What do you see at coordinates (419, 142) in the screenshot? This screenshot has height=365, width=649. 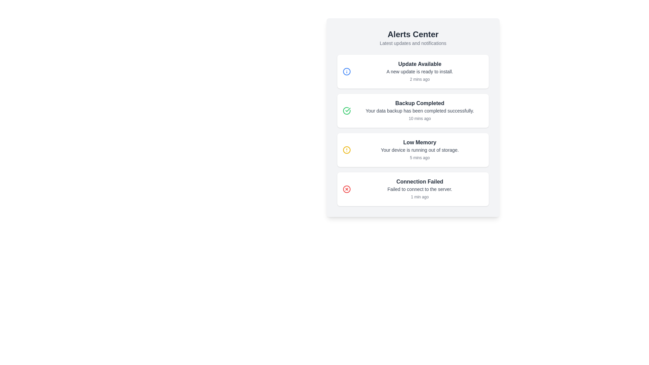 I see `text of the prominent 'Low Memory' heading in the third notification card, styled in bold and dark grey` at bounding box center [419, 142].